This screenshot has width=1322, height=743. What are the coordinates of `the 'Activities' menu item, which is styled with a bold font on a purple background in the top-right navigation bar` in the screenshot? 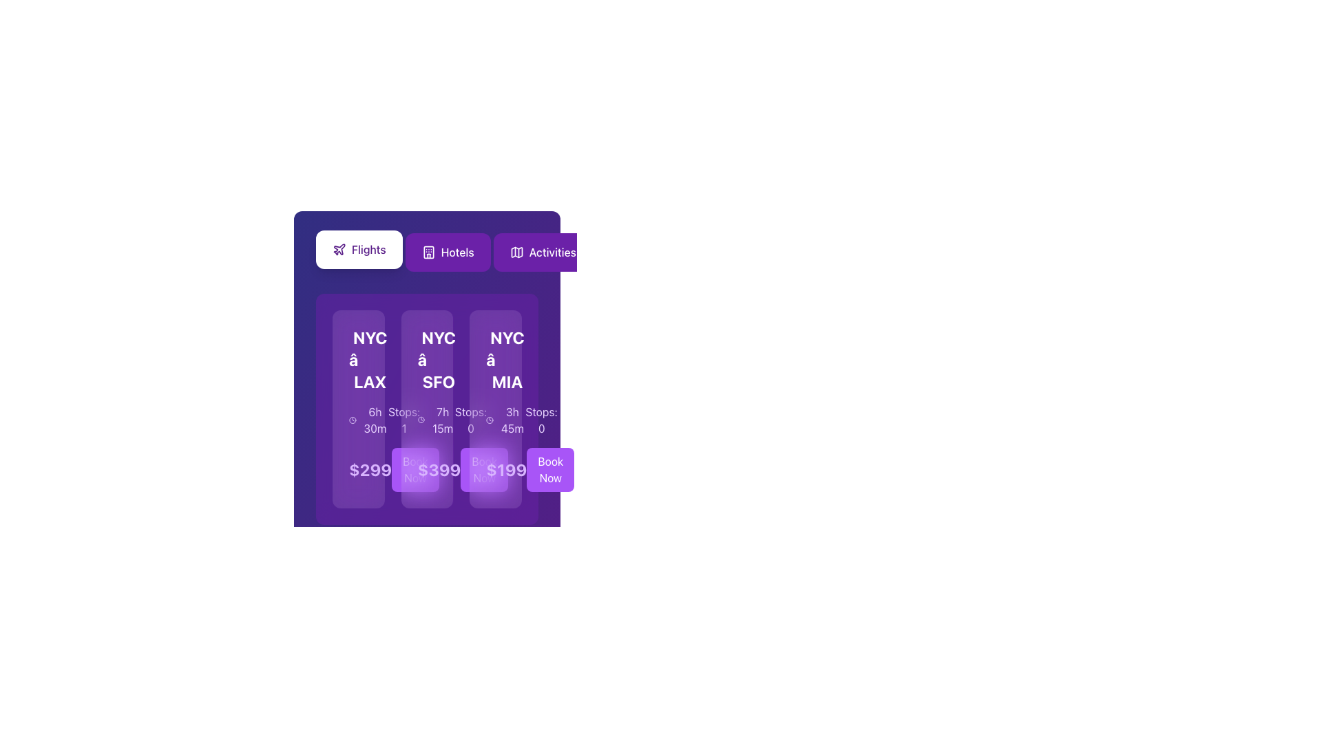 It's located at (552, 252).